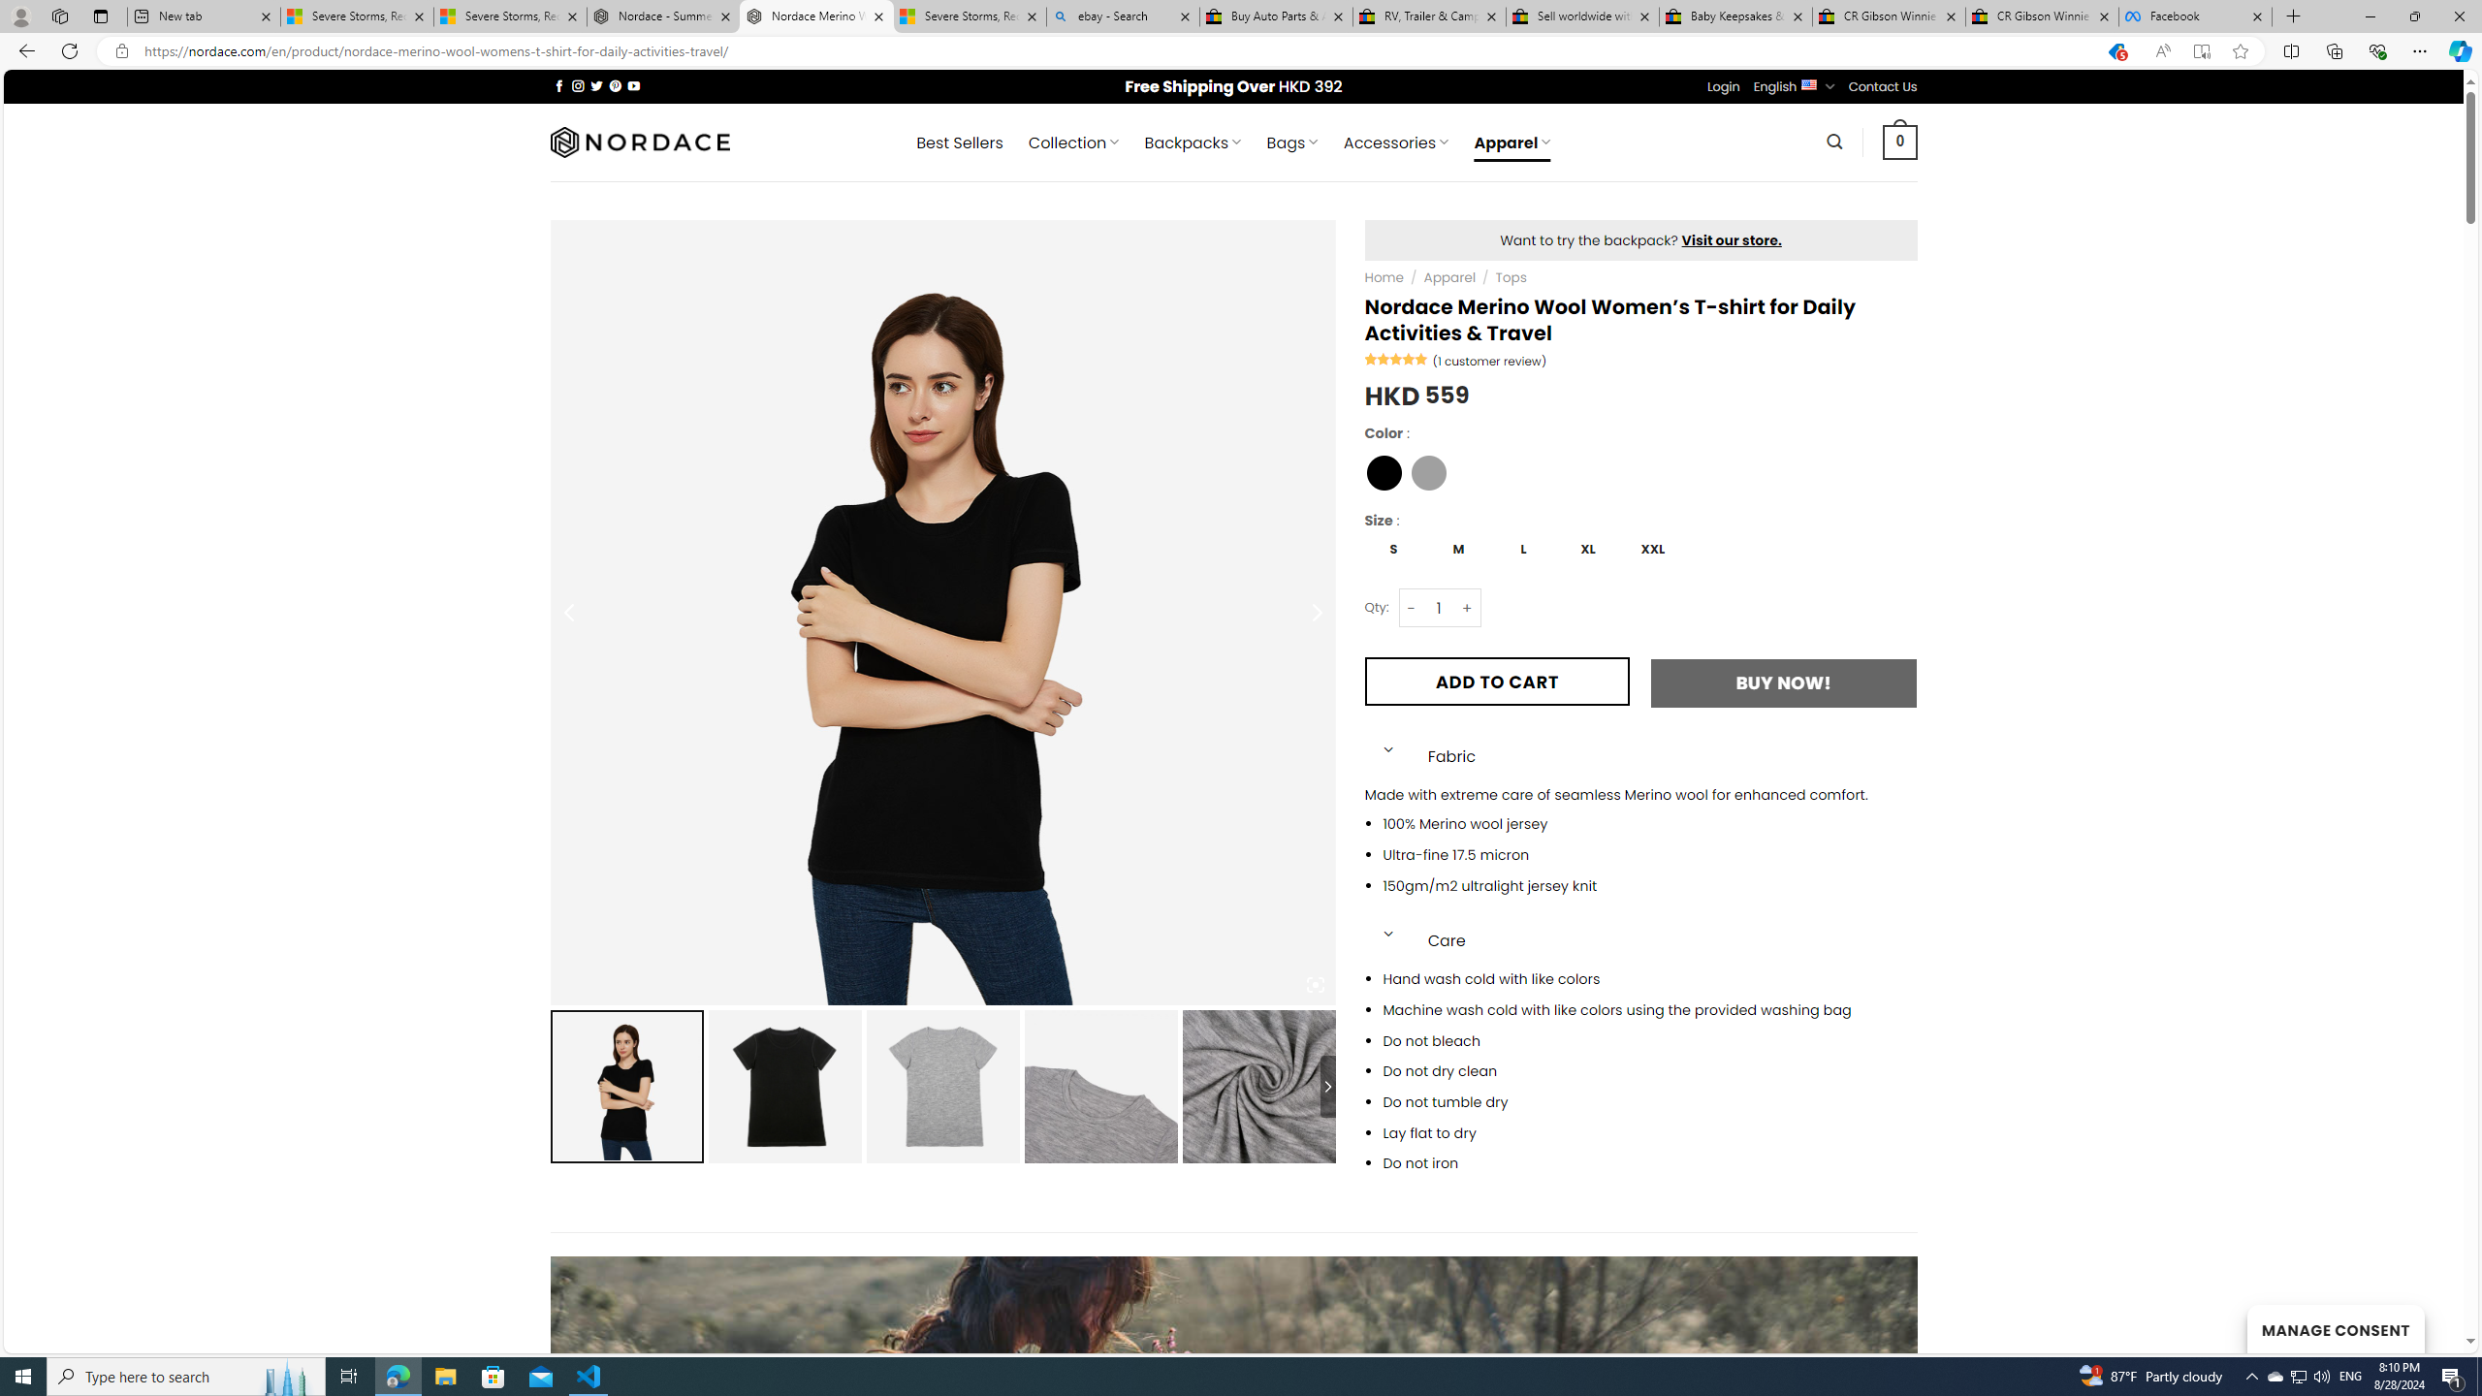 Image resolution: width=2482 pixels, height=1396 pixels. What do you see at coordinates (1396, 358) in the screenshot?
I see `'Rated 5.00 out of 5'` at bounding box center [1396, 358].